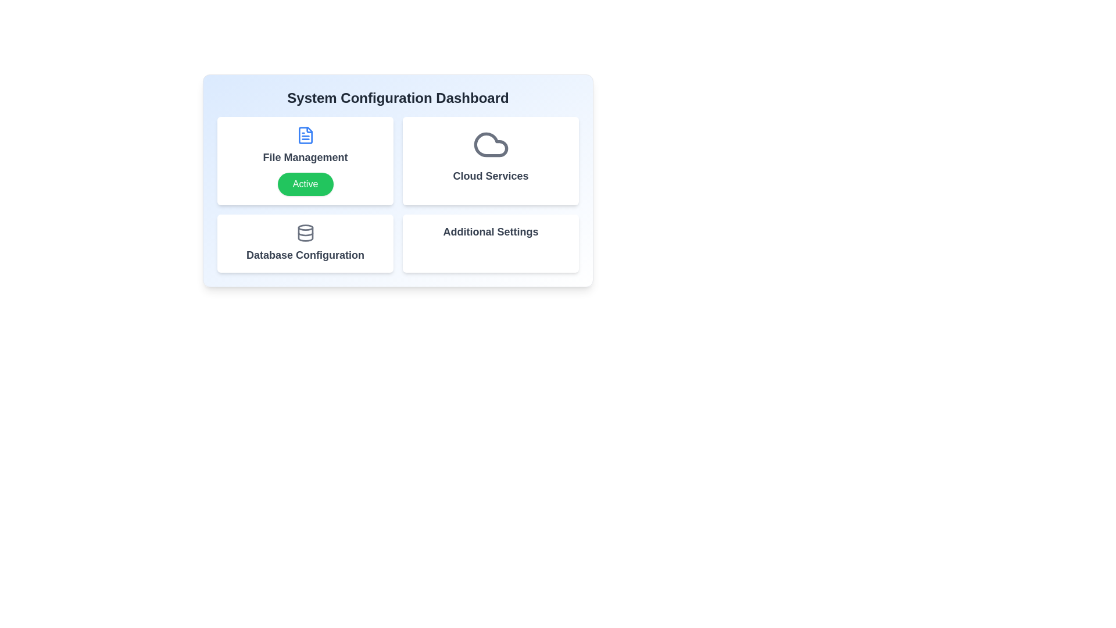  Describe the element at coordinates (491, 176) in the screenshot. I see `the label indicating cloud services at the center bottom of the white rectangular card located in the upper-right section of the interface` at that location.